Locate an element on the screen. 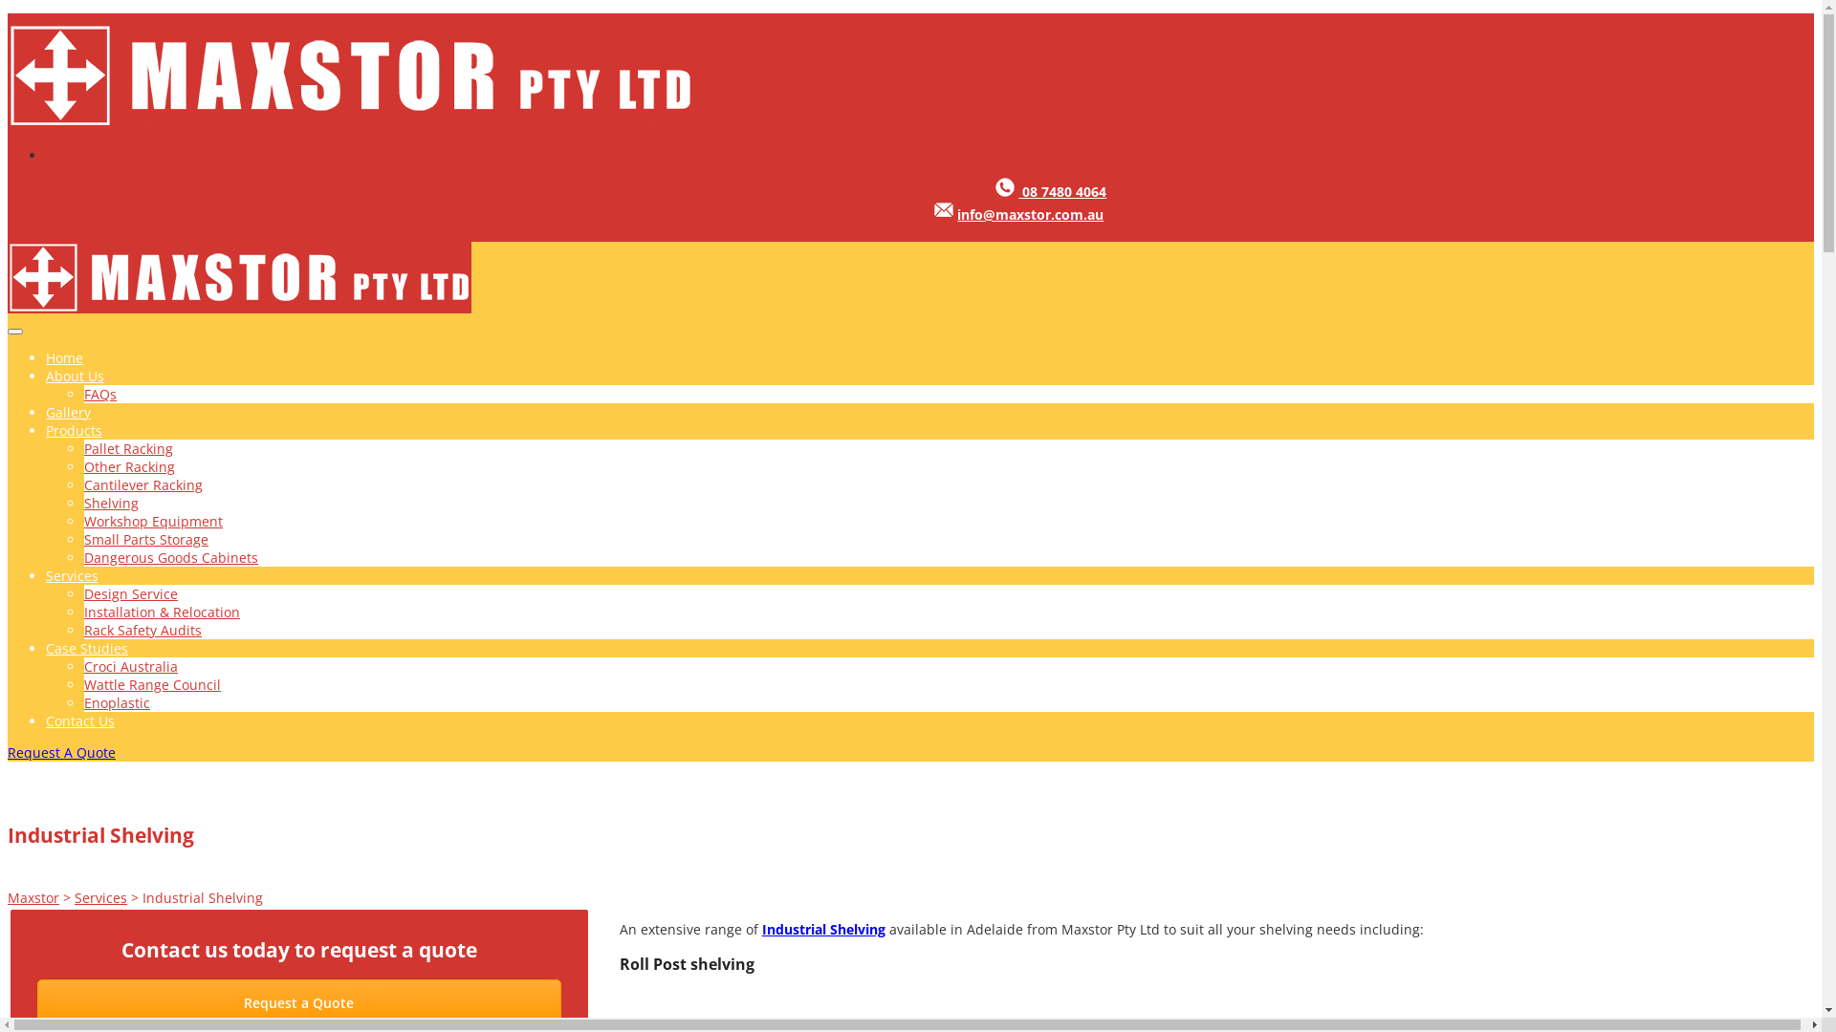  'Contact Us' is located at coordinates (78, 720).